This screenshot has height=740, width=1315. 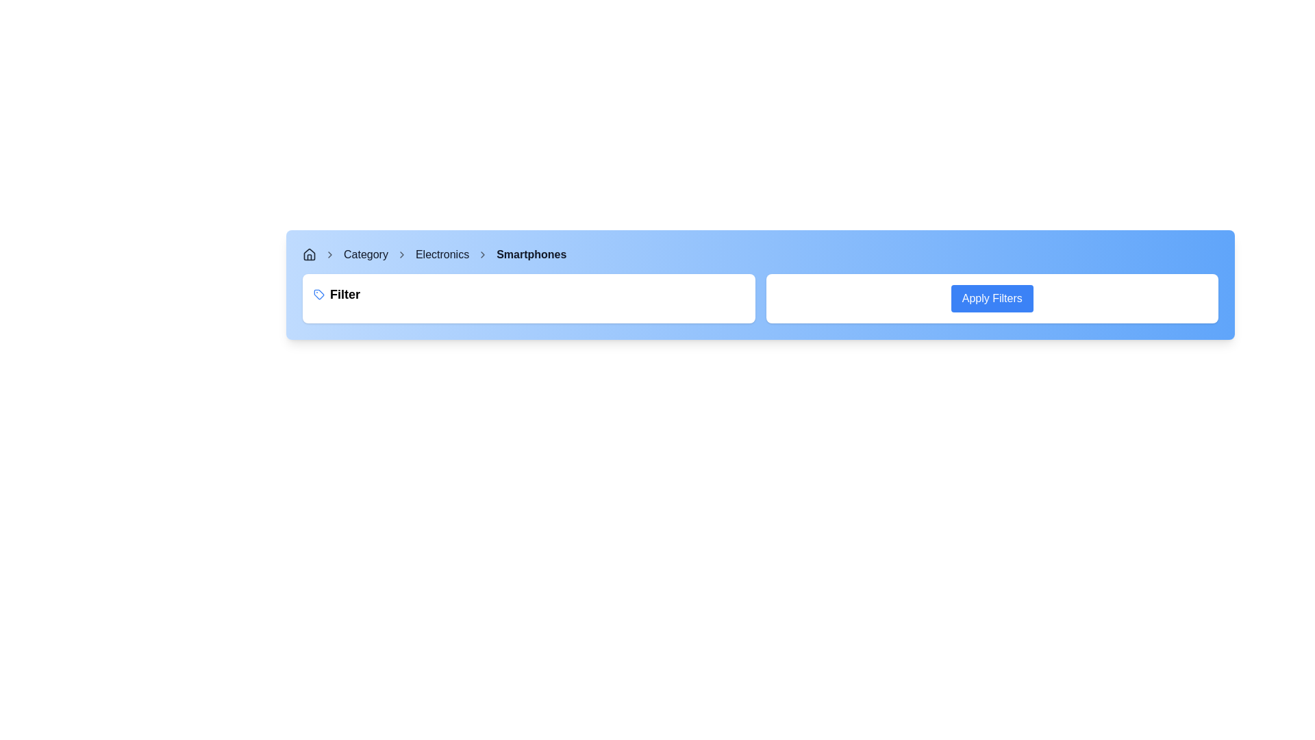 What do you see at coordinates (345, 293) in the screenshot?
I see `the 'Filter' label, which is styled with bold and slightly enlarged font and is located to the right of a small blue-colored tag icon` at bounding box center [345, 293].